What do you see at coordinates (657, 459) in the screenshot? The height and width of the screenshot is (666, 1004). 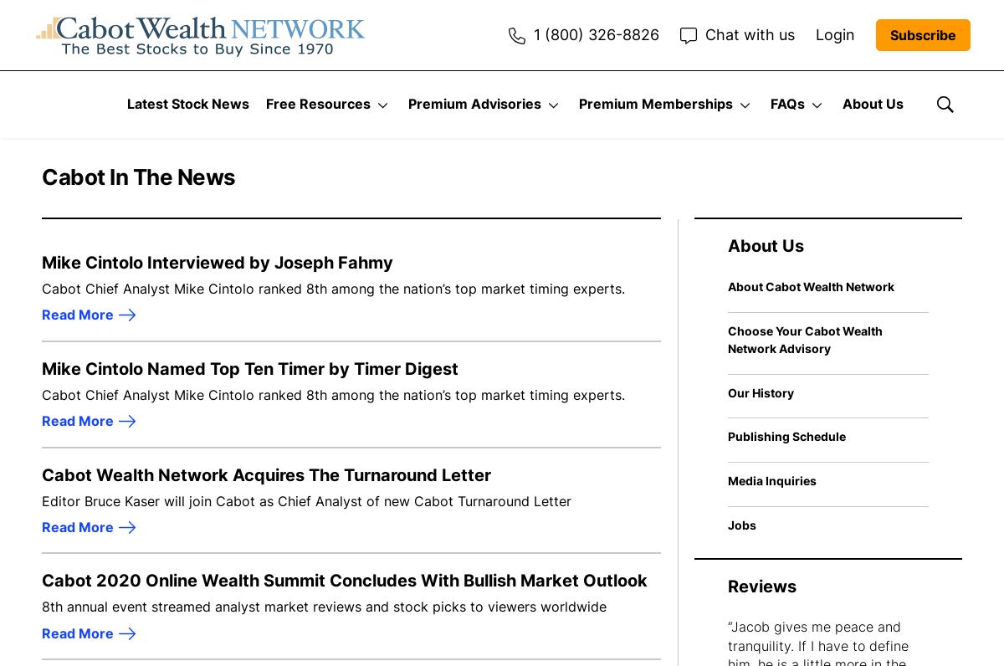 I see `'Cabot Profit Booster'` at bounding box center [657, 459].